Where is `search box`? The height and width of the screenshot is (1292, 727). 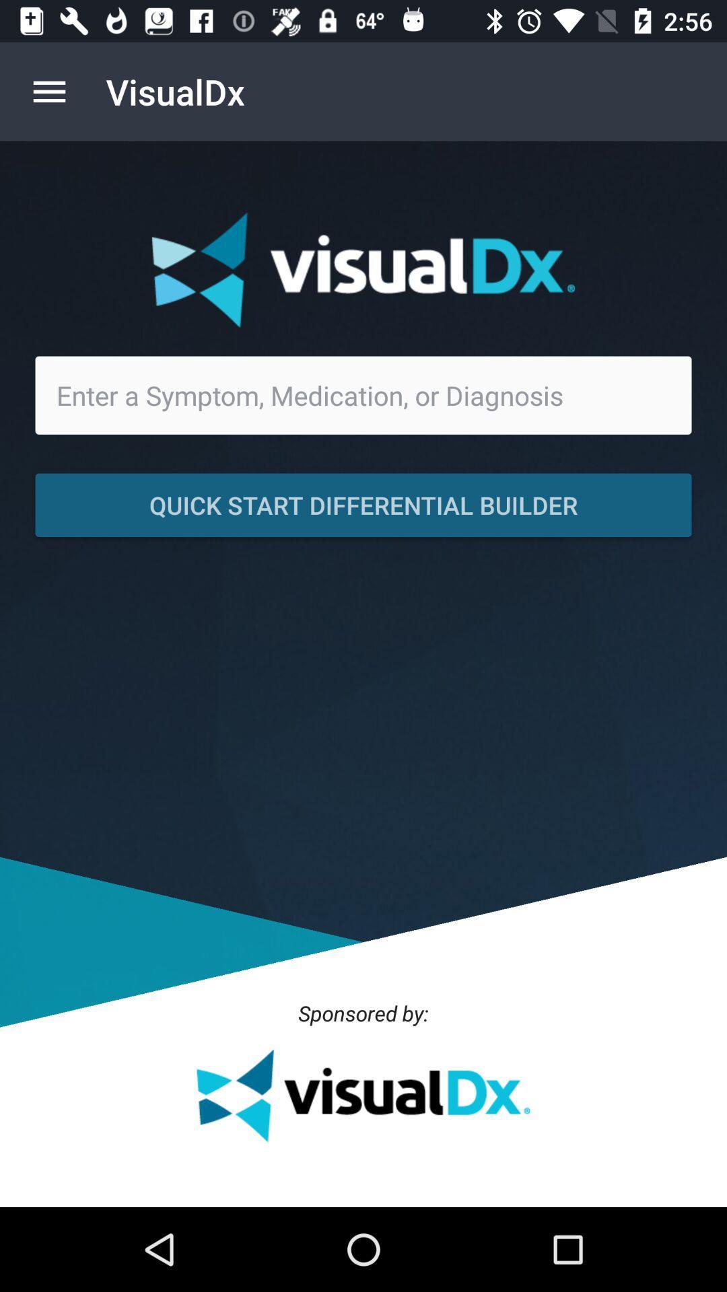
search box is located at coordinates (363, 394).